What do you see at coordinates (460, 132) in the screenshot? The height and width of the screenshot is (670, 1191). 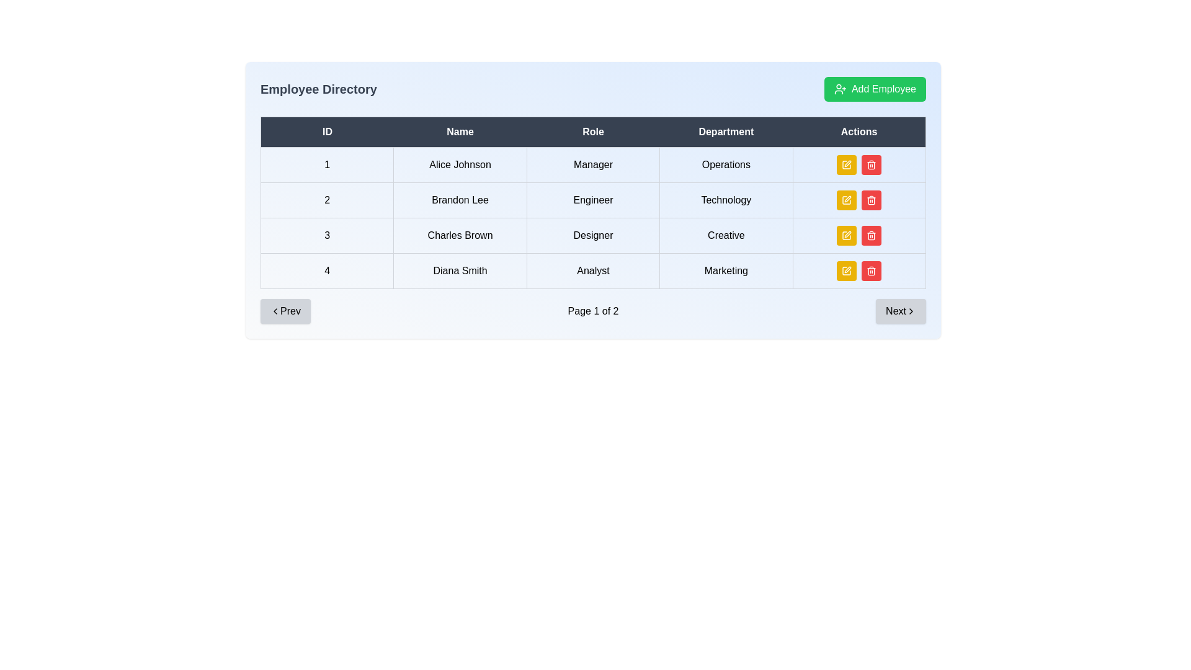 I see `the table header cell labeled 'Name', which is the second column header of the table, styled with bold white font on a dark blue background` at bounding box center [460, 132].